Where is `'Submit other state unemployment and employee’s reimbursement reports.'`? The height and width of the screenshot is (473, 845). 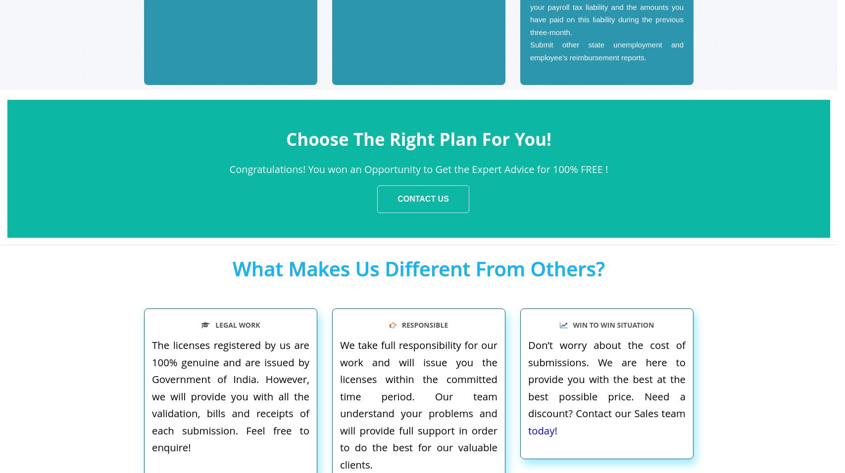
'Submit other state unemployment and employee’s reimbursement reports.' is located at coordinates (606, 50).